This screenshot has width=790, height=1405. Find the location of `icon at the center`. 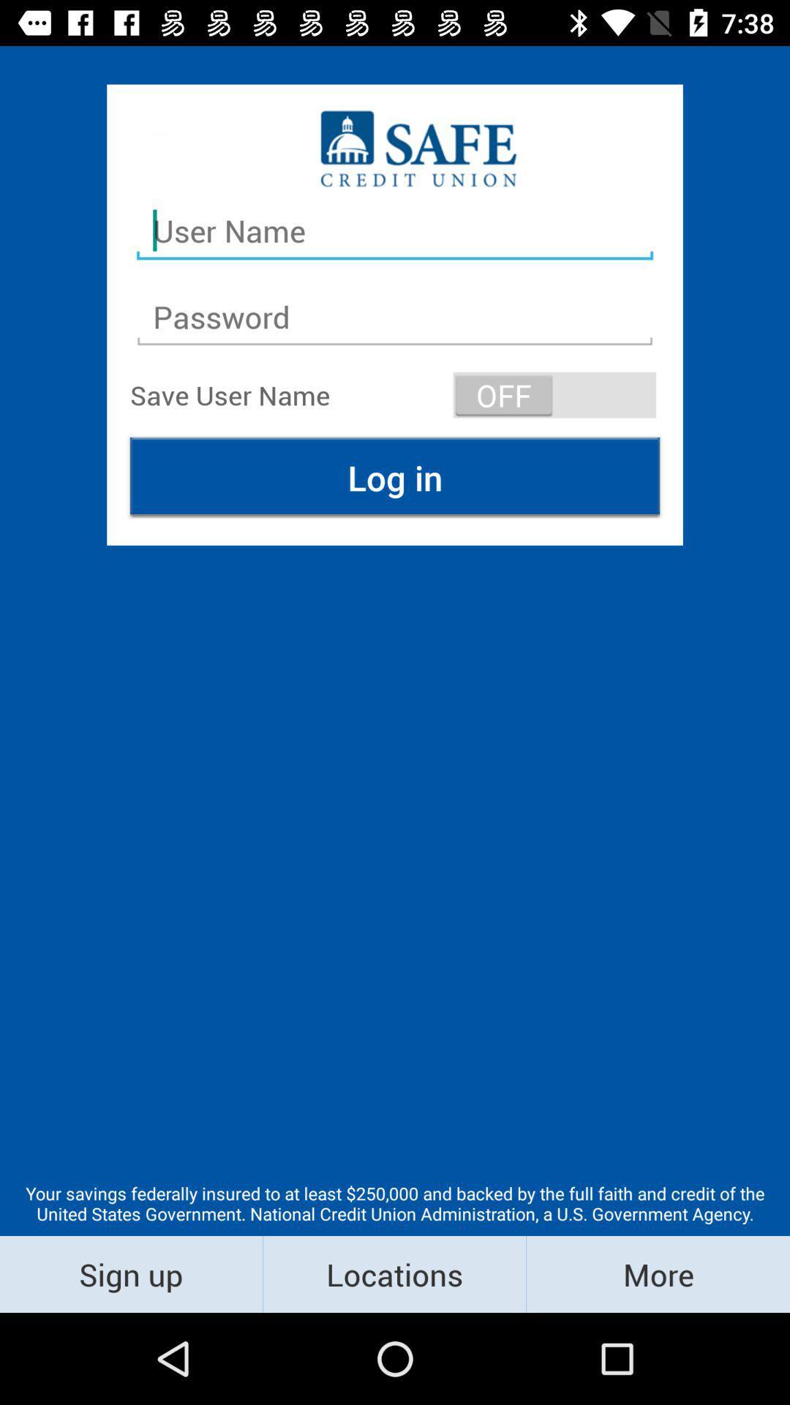

icon at the center is located at coordinates (395, 477).